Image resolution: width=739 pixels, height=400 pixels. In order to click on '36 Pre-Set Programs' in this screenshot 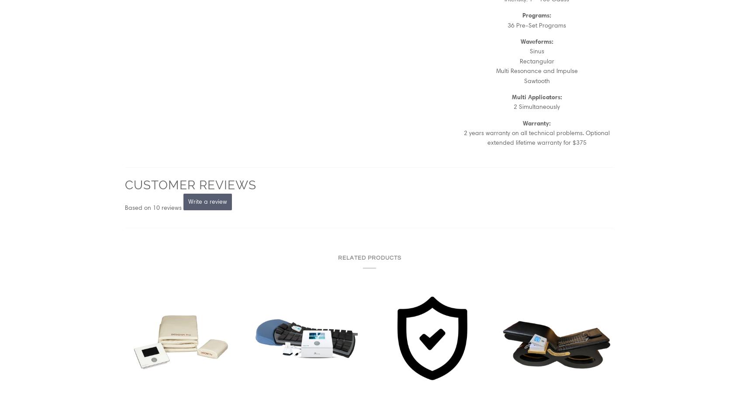, I will do `click(537, 24)`.